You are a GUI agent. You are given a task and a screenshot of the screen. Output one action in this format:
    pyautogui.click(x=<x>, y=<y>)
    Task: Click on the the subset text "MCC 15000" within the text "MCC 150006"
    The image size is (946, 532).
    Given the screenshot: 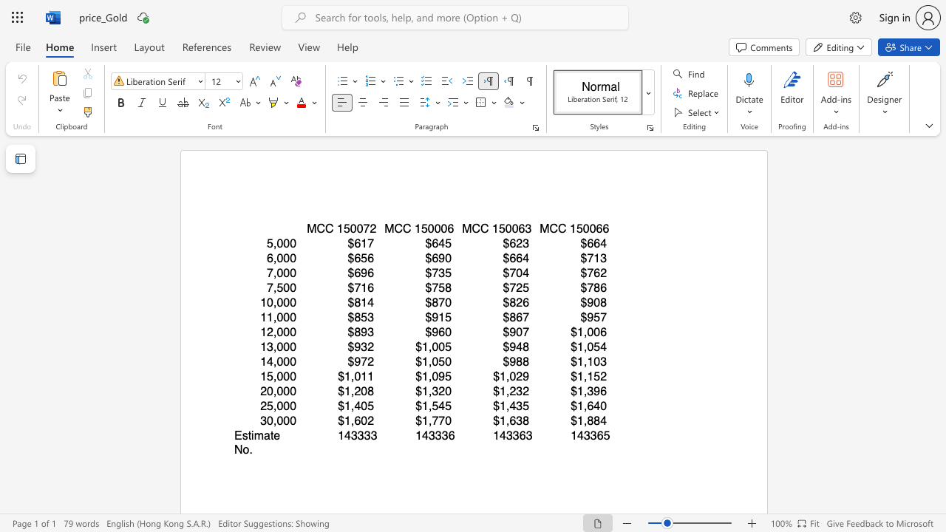 What is the action you would take?
    pyautogui.click(x=384, y=228)
    